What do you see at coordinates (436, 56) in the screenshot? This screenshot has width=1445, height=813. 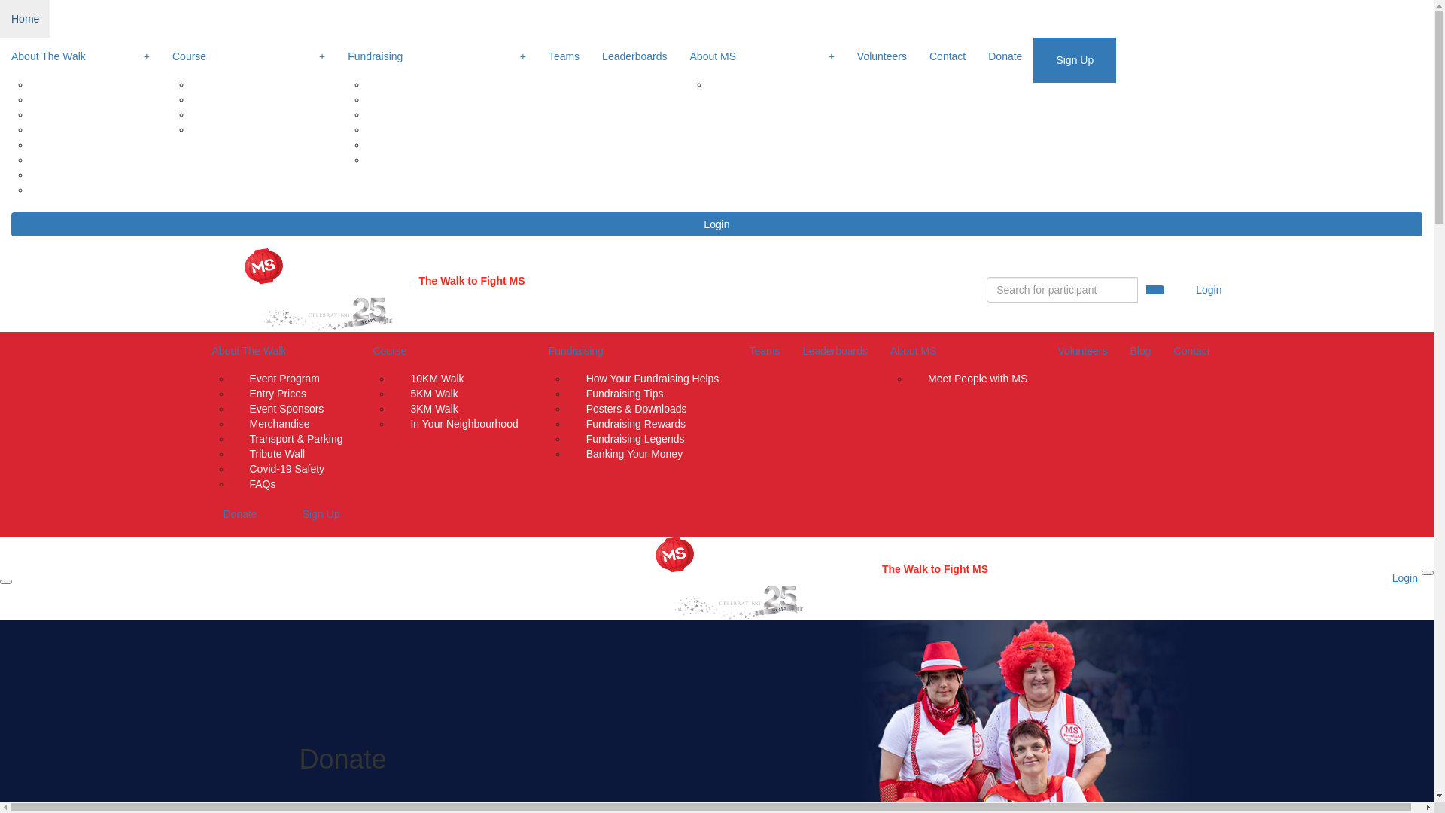 I see `'Fundraising` at bounding box center [436, 56].